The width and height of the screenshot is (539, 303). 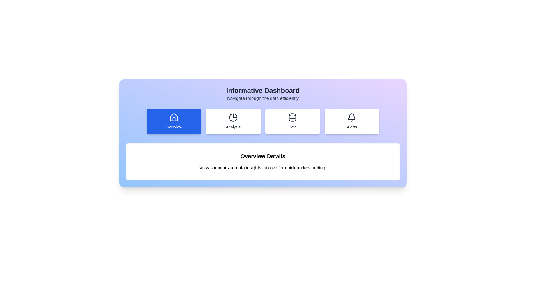 What do you see at coordinates (233, 117) in the screenshot?
I see `the Pie Chart Segment icon, which is part of the 'Analysis' button located between 'Overview' and 'Data'` at bounding box center [233, 117].